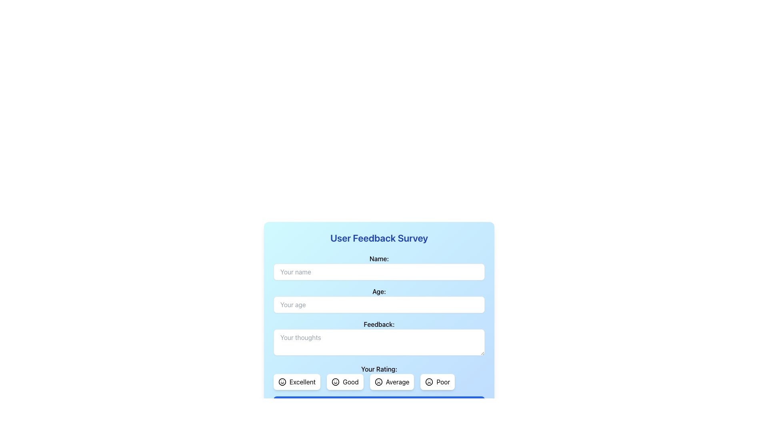 This screenshot has height=432, width=768. Describe the element at coordinates (379, 333) in the screenshot. I see `to activate the feedback input area located below the 'Age' input field and above the 'Your Rating' section in the user feedback form` at that location.